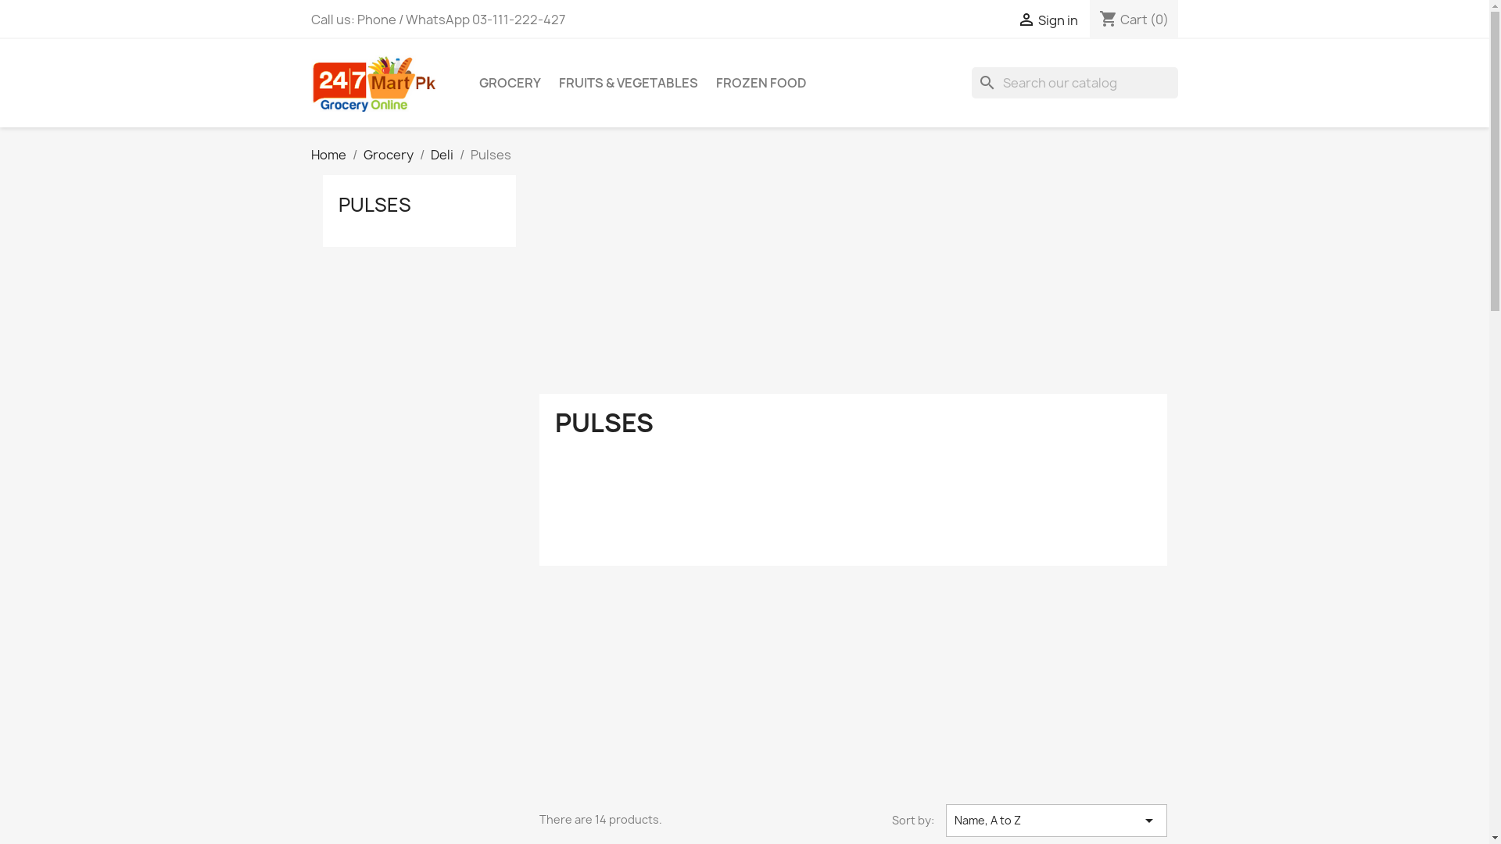 This screenshot has height=844, width=1501. I want to click on 'Deli', so click(440, 154).